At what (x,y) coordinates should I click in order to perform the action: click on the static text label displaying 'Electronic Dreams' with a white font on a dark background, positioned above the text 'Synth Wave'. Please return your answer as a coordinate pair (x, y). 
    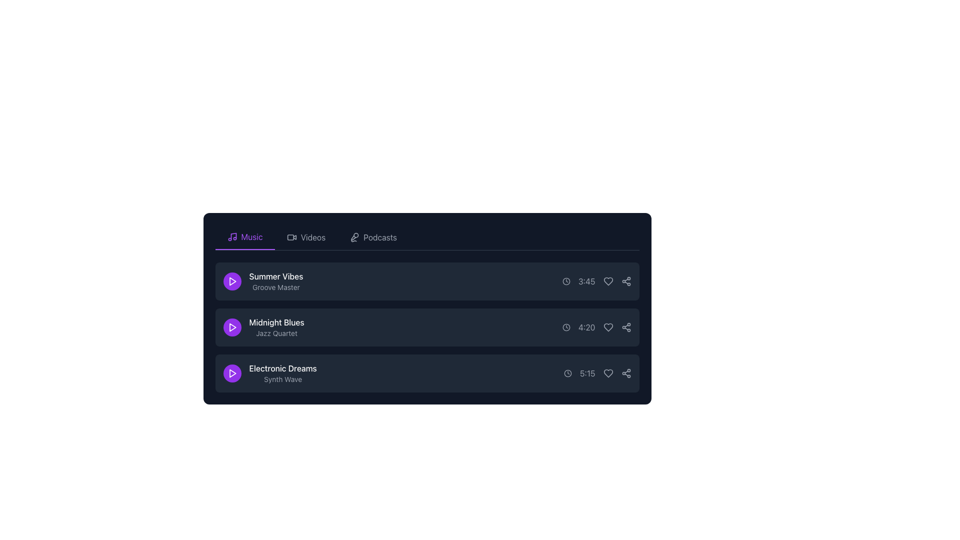
    Looking at the image, I should click on (282, 368).